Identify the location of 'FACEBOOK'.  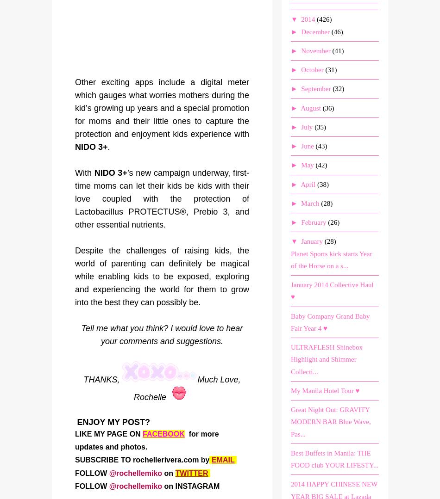
(163, 434).